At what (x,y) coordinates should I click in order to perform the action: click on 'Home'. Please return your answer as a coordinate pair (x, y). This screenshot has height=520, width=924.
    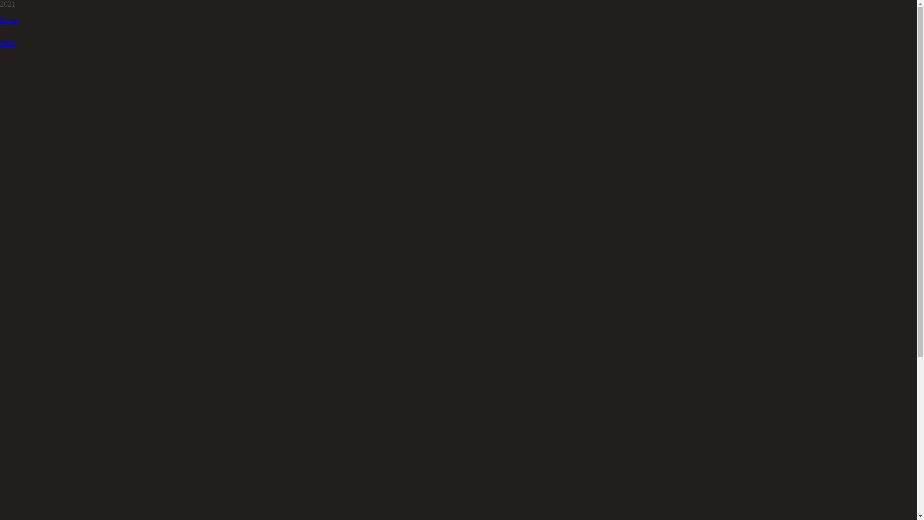
    Looking at the image, I should click on (0, 20).